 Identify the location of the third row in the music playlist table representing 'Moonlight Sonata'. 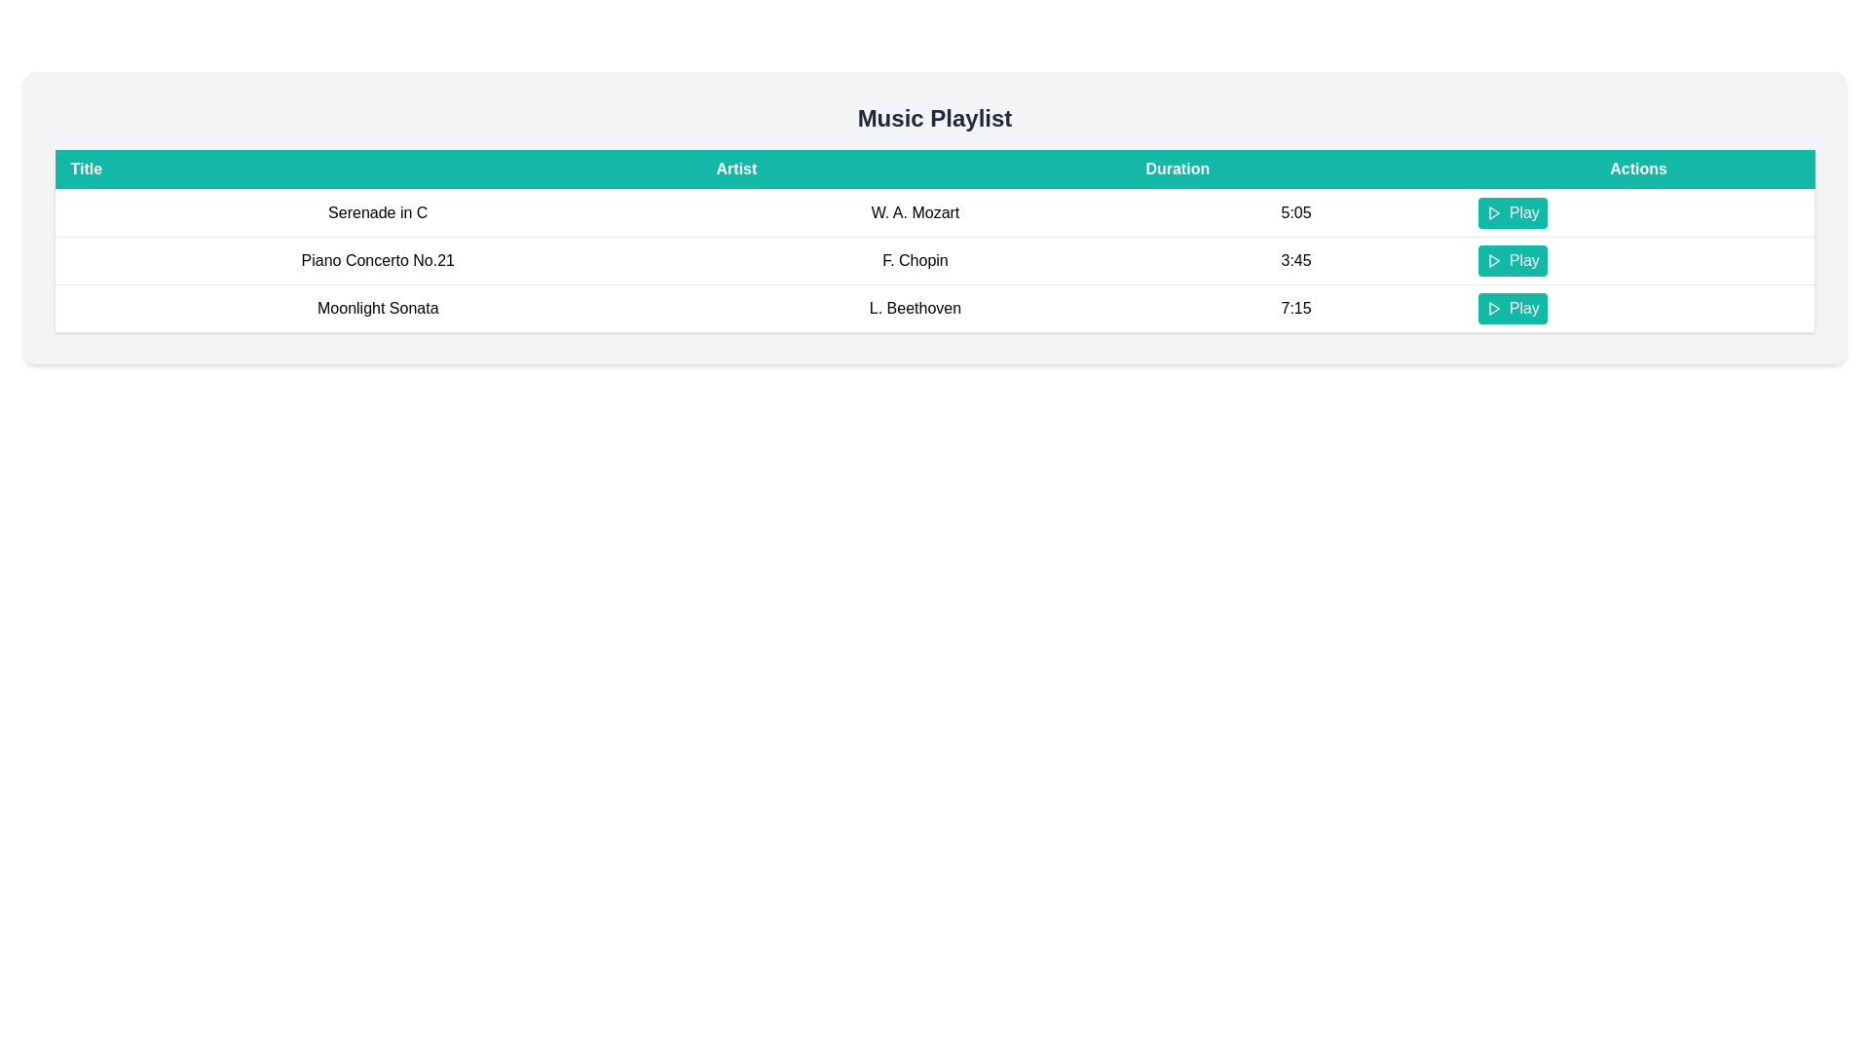
(935, 307).